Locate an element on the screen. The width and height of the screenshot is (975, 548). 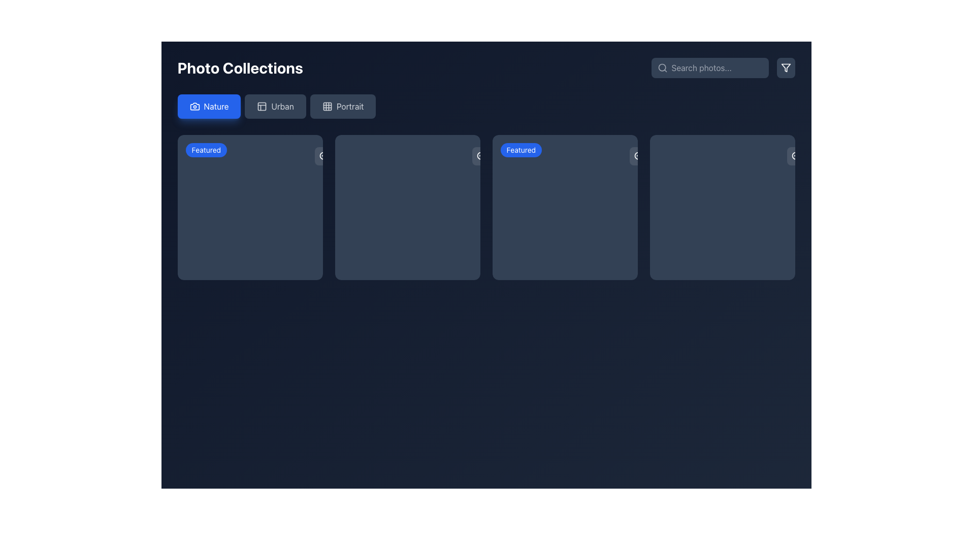
the 'Urban' button, which is styled with a dark background and light gray text, positioned between the 'Nature' and 'Portrait' buttons in a horizontal row is located at coordinates (275, 106).